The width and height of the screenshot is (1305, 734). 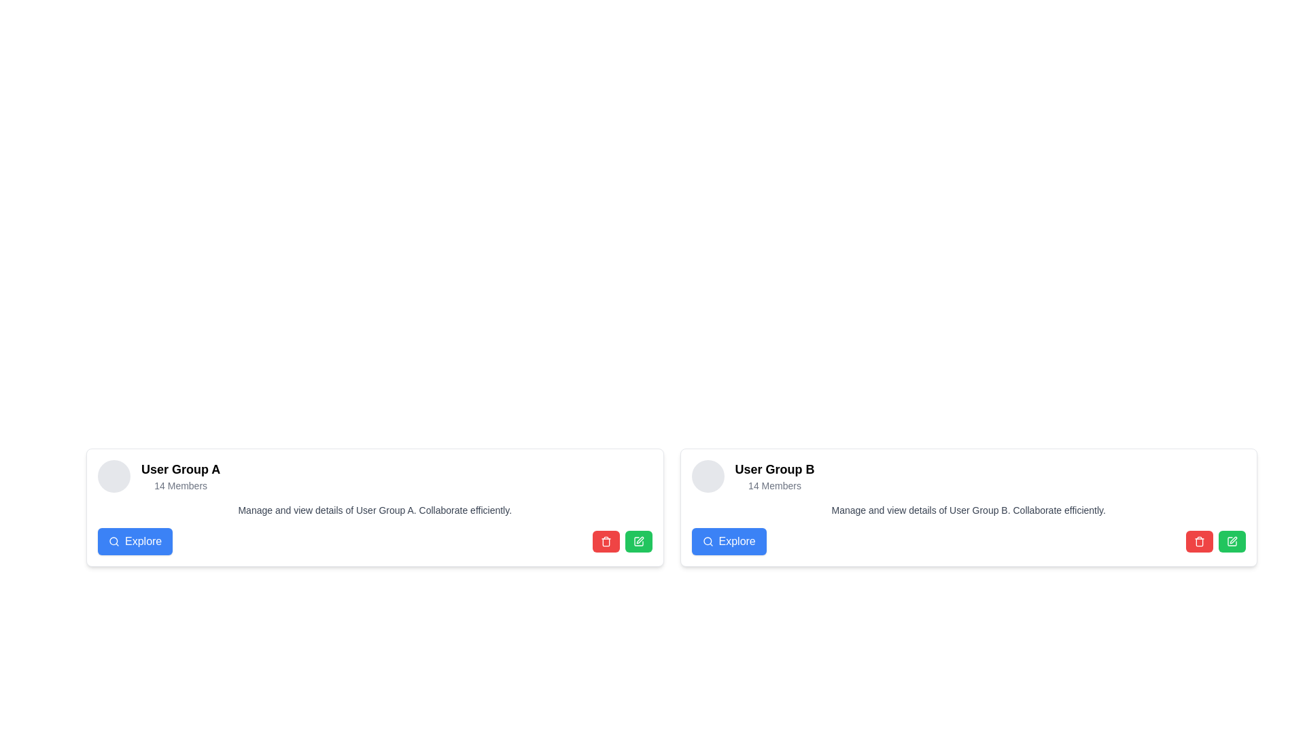 What do you see at coordinates (135, 541) in the screenshot?
I see `the blue rectangular button labeled 'Explore' with a search icon, located in the lower left area of the 'User Group A' card` at bounding box center [135, 541].